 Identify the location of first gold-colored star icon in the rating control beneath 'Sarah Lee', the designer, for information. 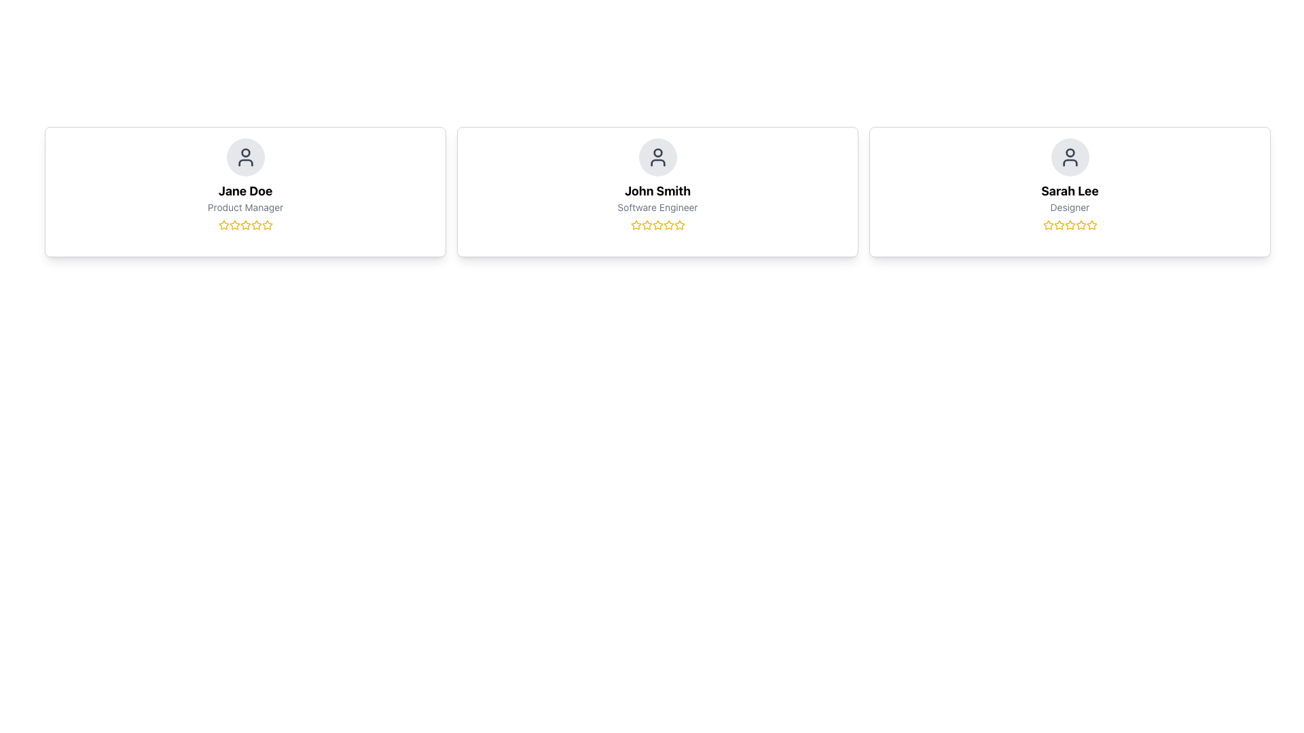
(1058, 224).